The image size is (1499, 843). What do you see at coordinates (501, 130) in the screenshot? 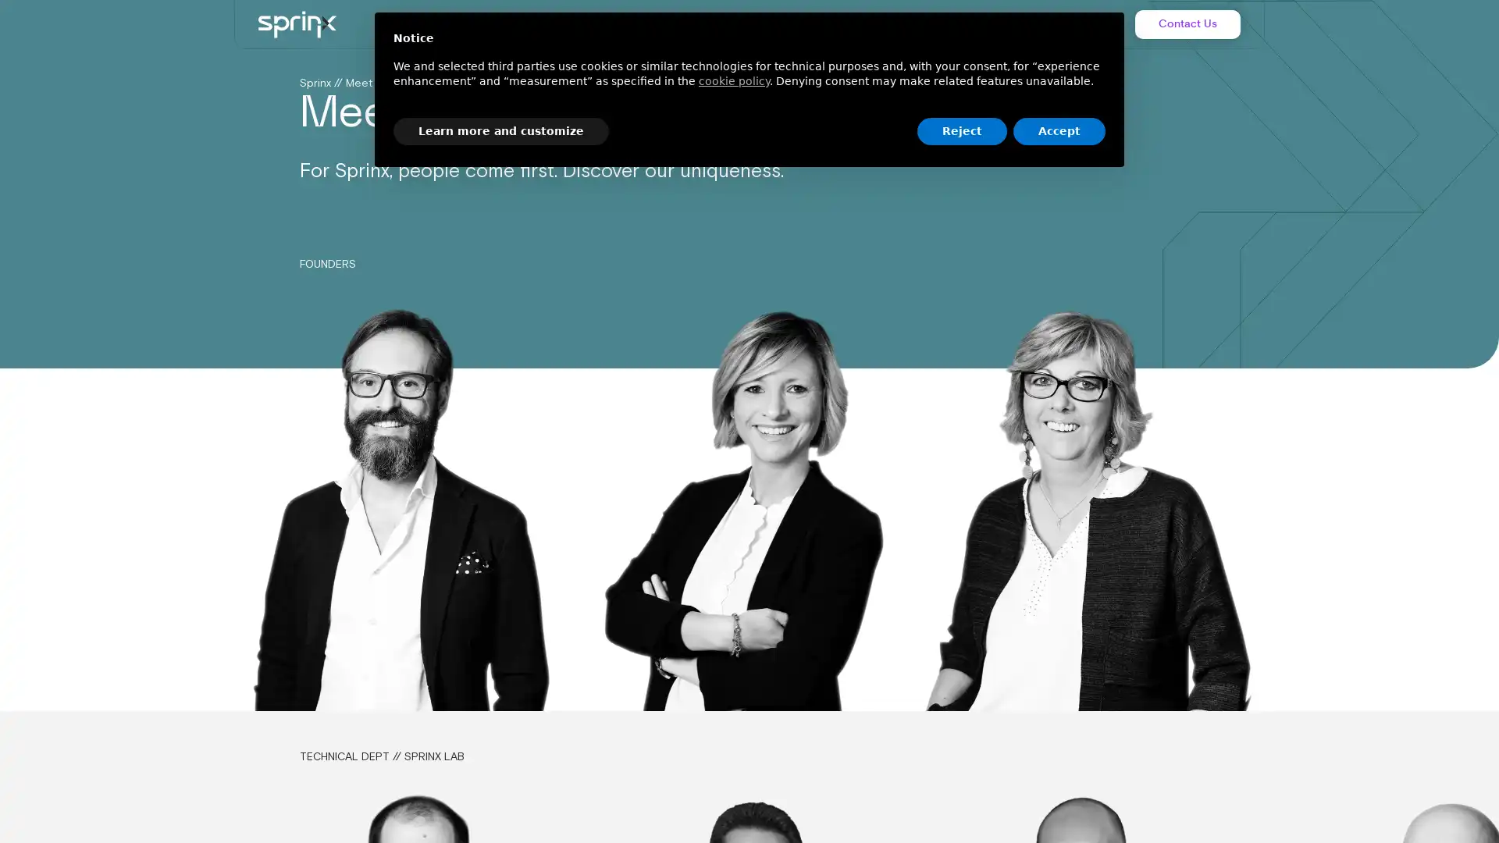
I see `Learn more and customize` at bounding box center [501, 130].